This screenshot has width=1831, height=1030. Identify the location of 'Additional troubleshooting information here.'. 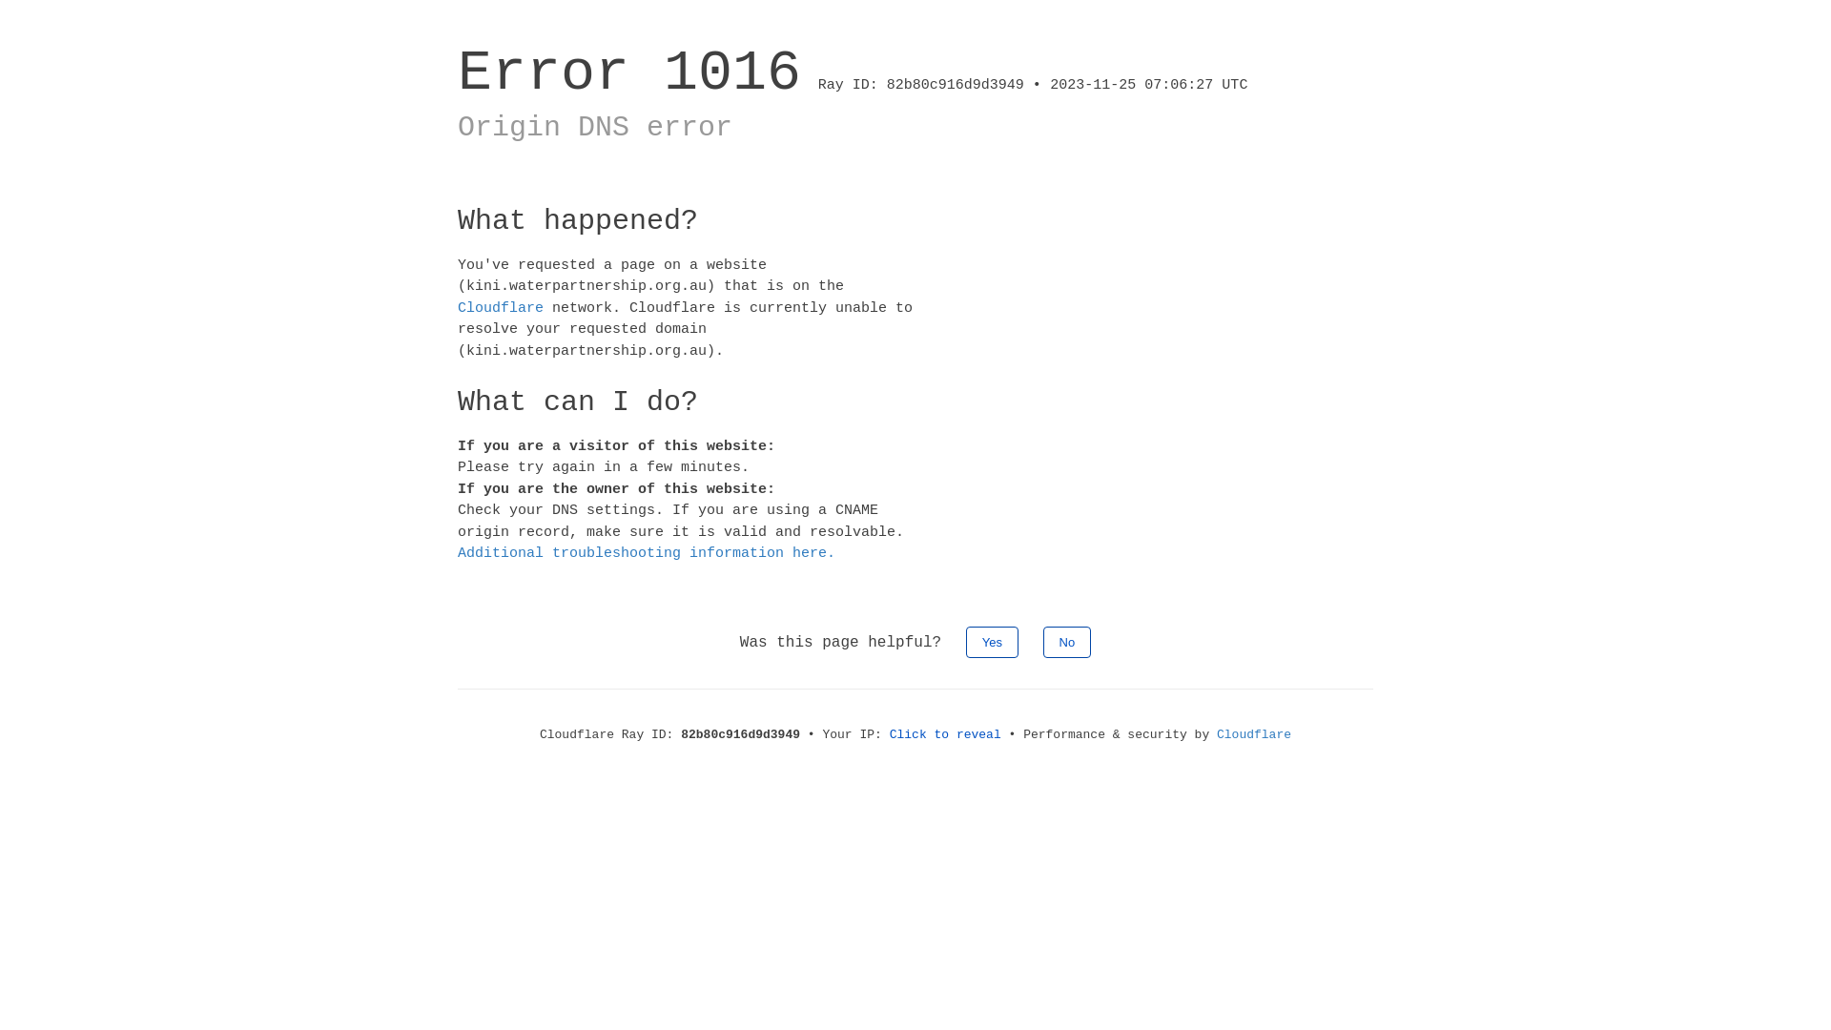
(646, 553).